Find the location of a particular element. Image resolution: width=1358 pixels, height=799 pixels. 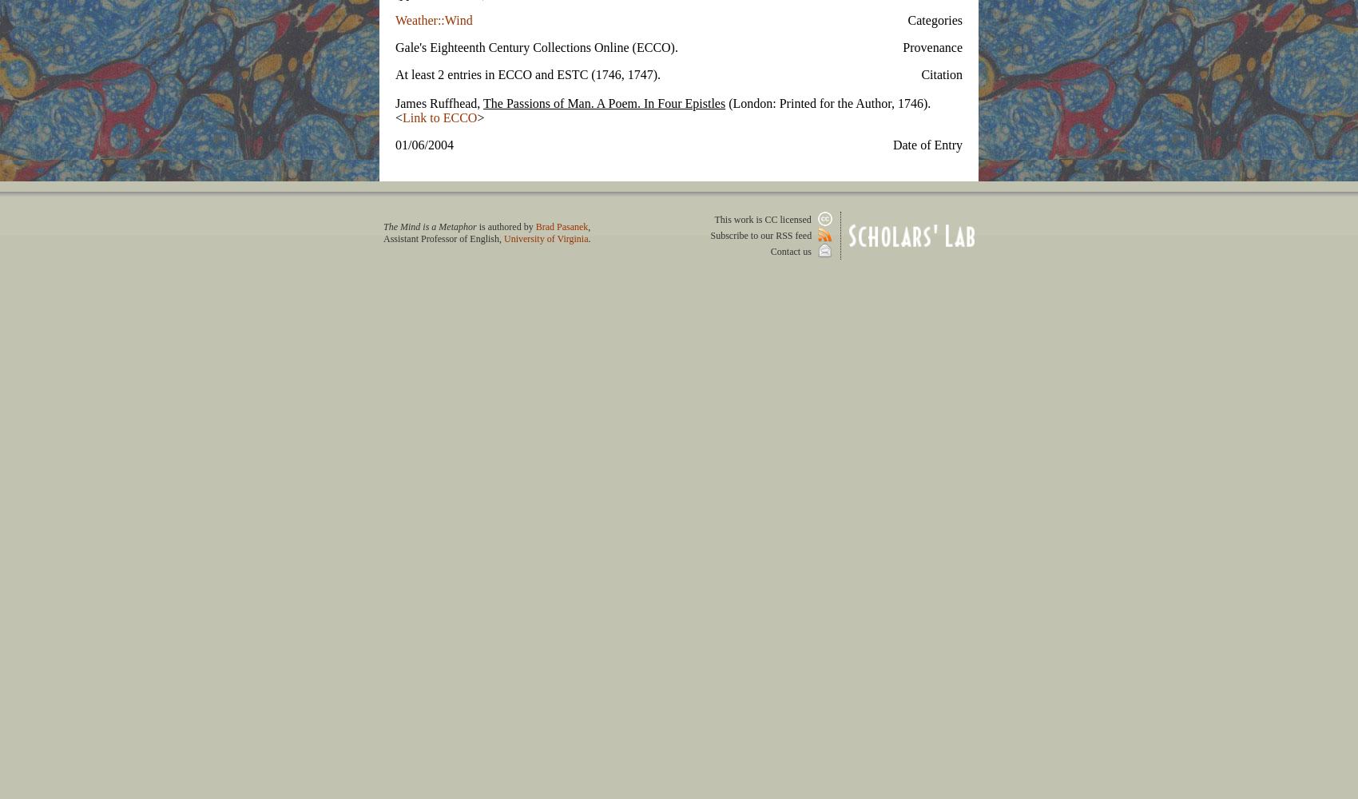

'.' is located at coordinates (589, 238).